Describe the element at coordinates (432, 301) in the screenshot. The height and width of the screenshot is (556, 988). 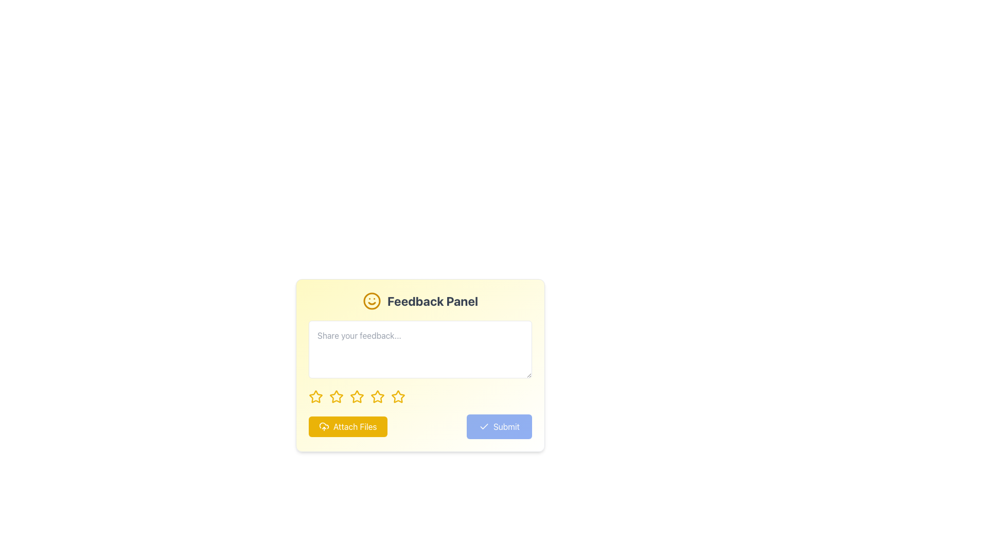
I see `the text label that serves as the title for the feedback panel, located in the upper-central area of the feedback form, to the right of the smiley icon` at that location.